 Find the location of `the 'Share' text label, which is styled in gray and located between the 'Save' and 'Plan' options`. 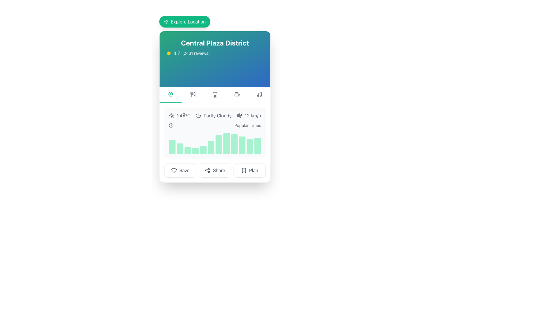

the 'Share' text label, which is styled in gray and located between the 'Save' and 'Plan' options is located at coordinates (218, 170).